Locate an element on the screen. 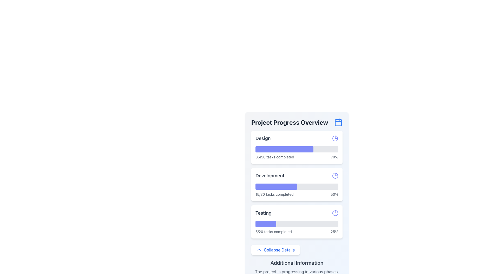  the distinct blue calendar icon located at the rightmost side of the 'Project Progress Overview' header is located at coordinates (338, 122).